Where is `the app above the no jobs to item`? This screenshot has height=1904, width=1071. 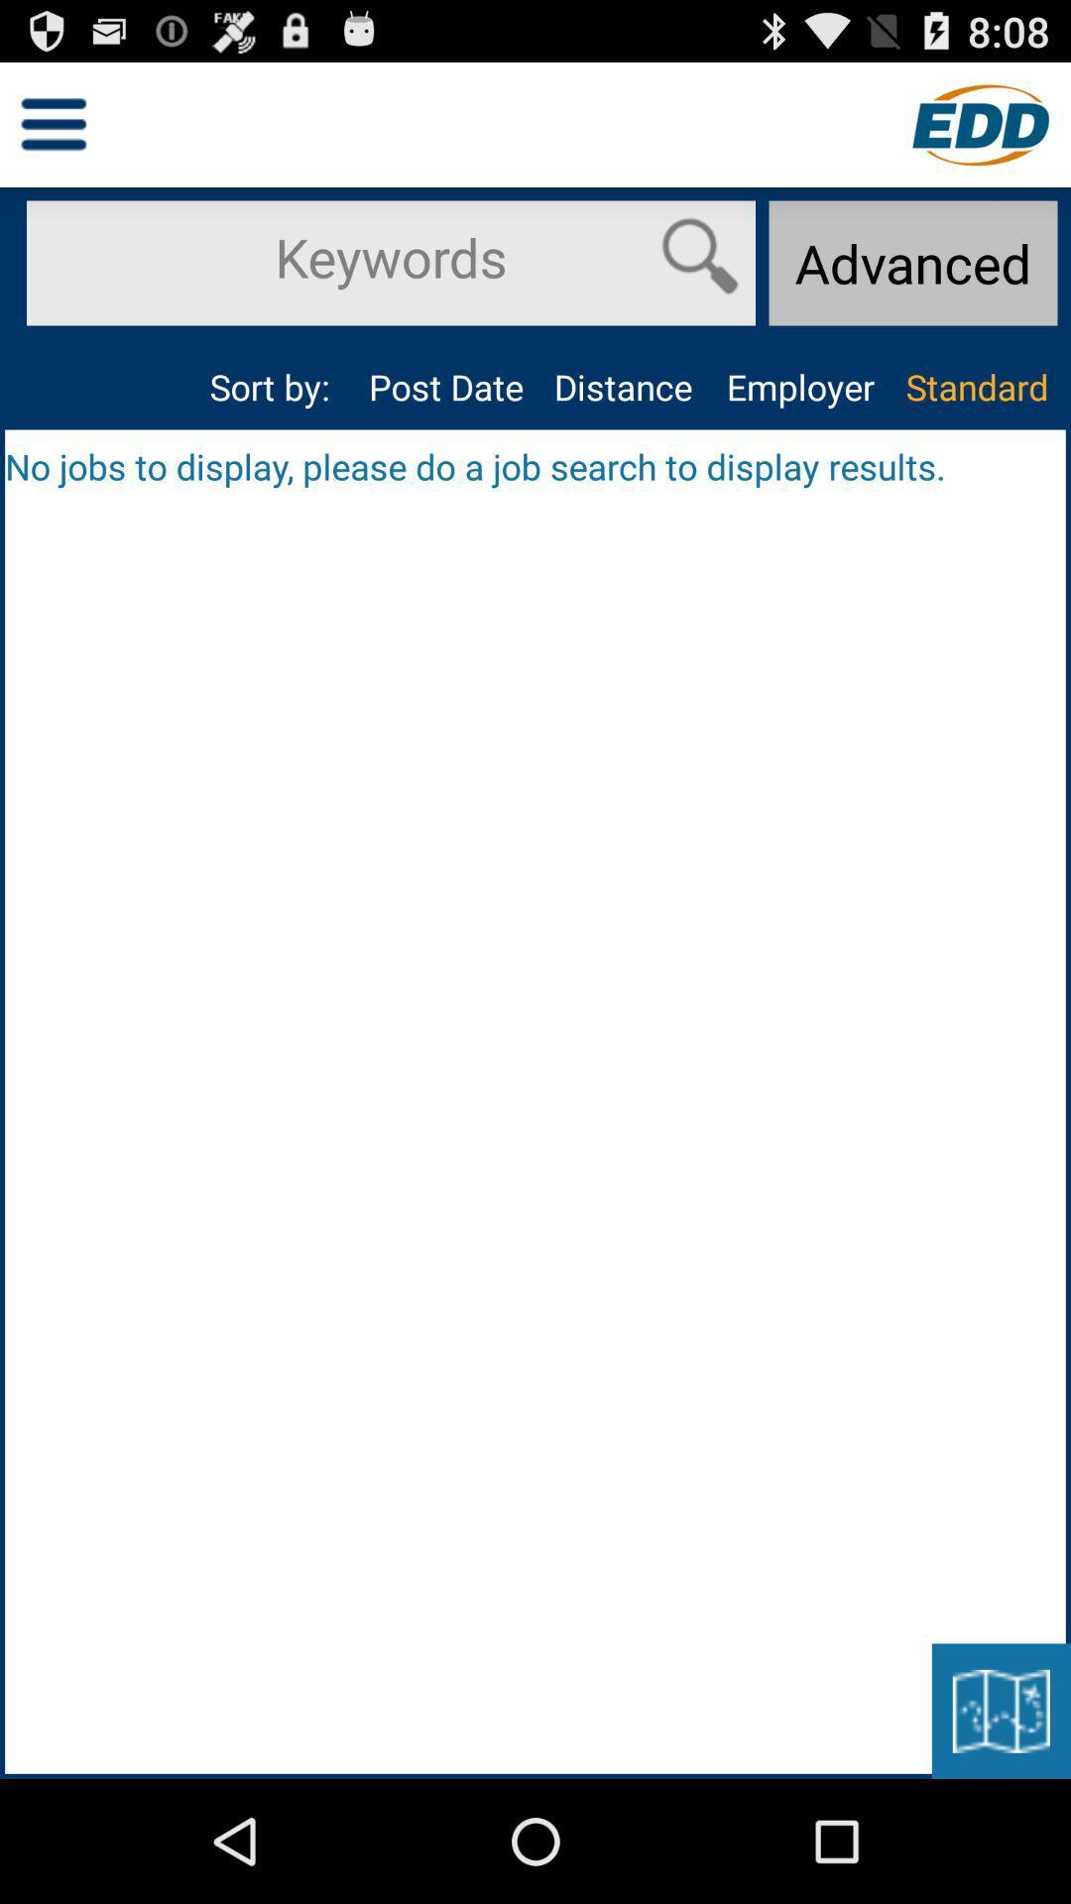
the app above the no jobs to item is located at coordinates (798, 387).